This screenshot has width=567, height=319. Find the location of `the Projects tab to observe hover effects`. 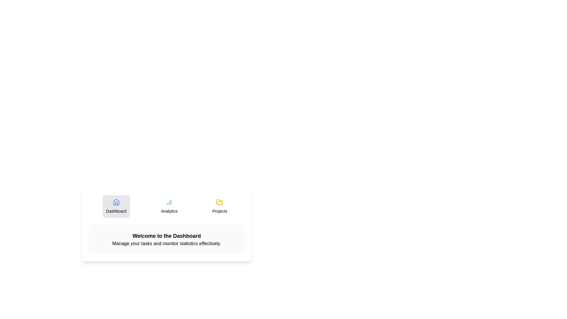

the Projects tab to observe hover effects is located at coordinates (219, 206).